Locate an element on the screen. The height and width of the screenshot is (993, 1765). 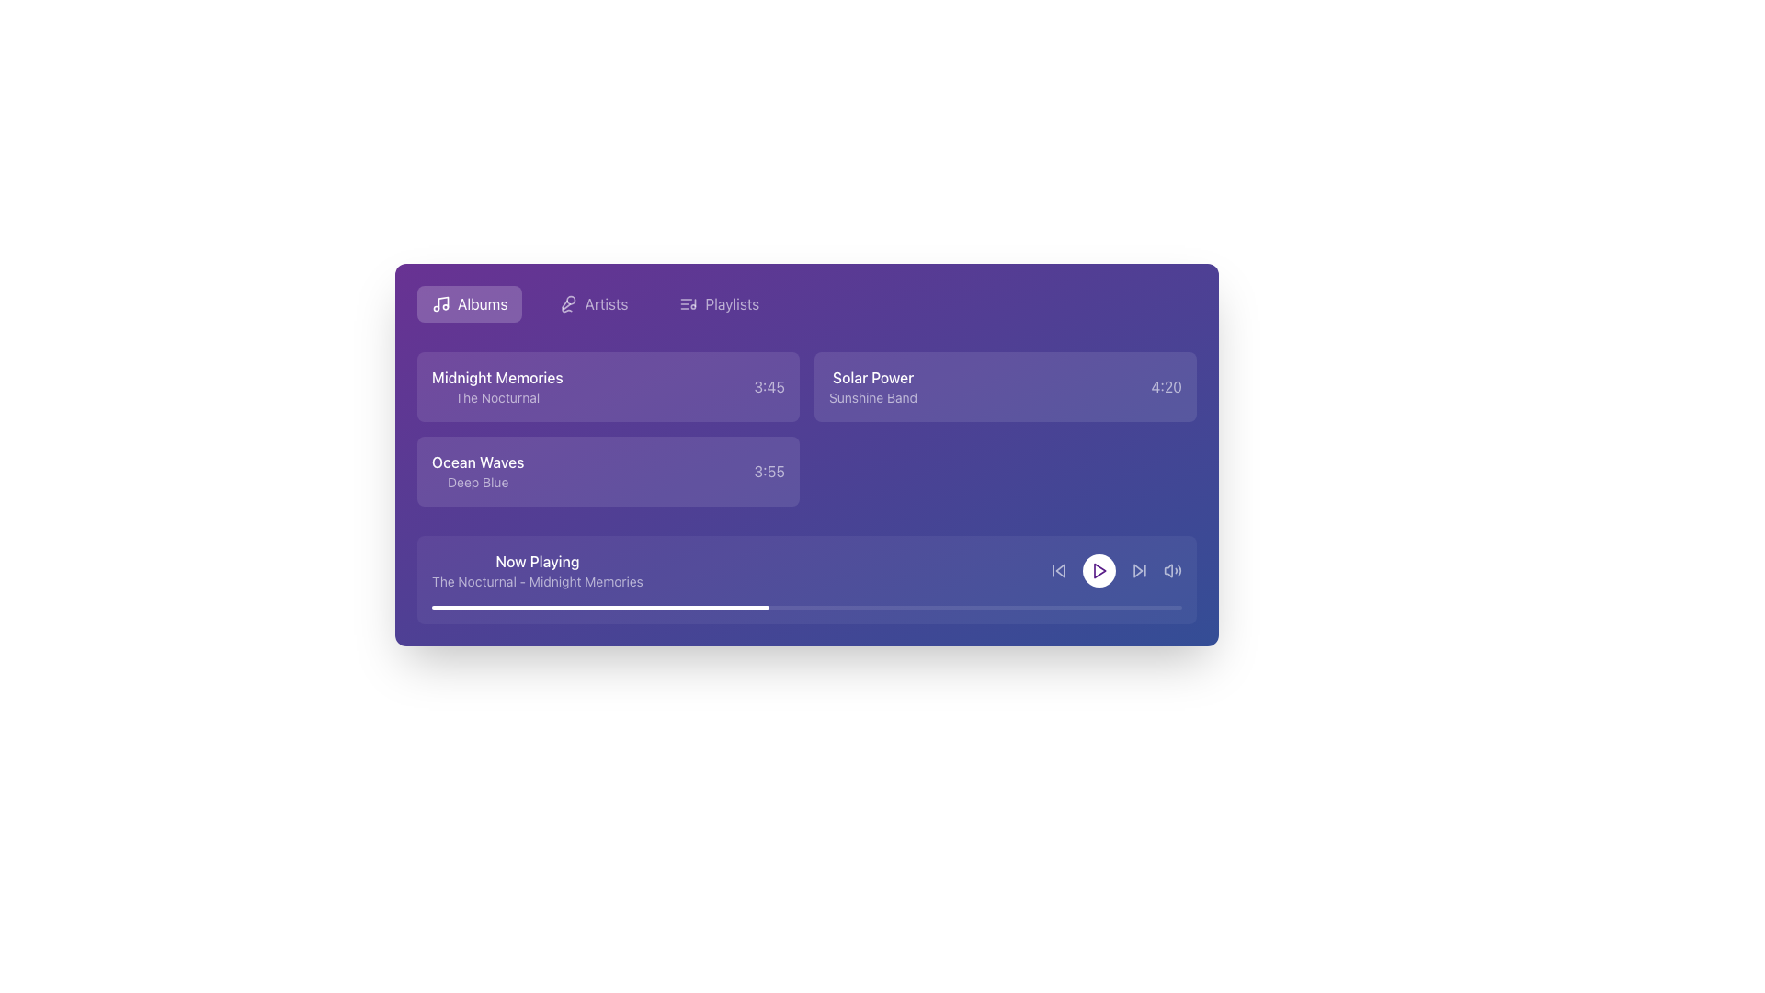
the 'Playlists' button in the navigation bar located at the top of the layout is located at coordinates (807, 303).